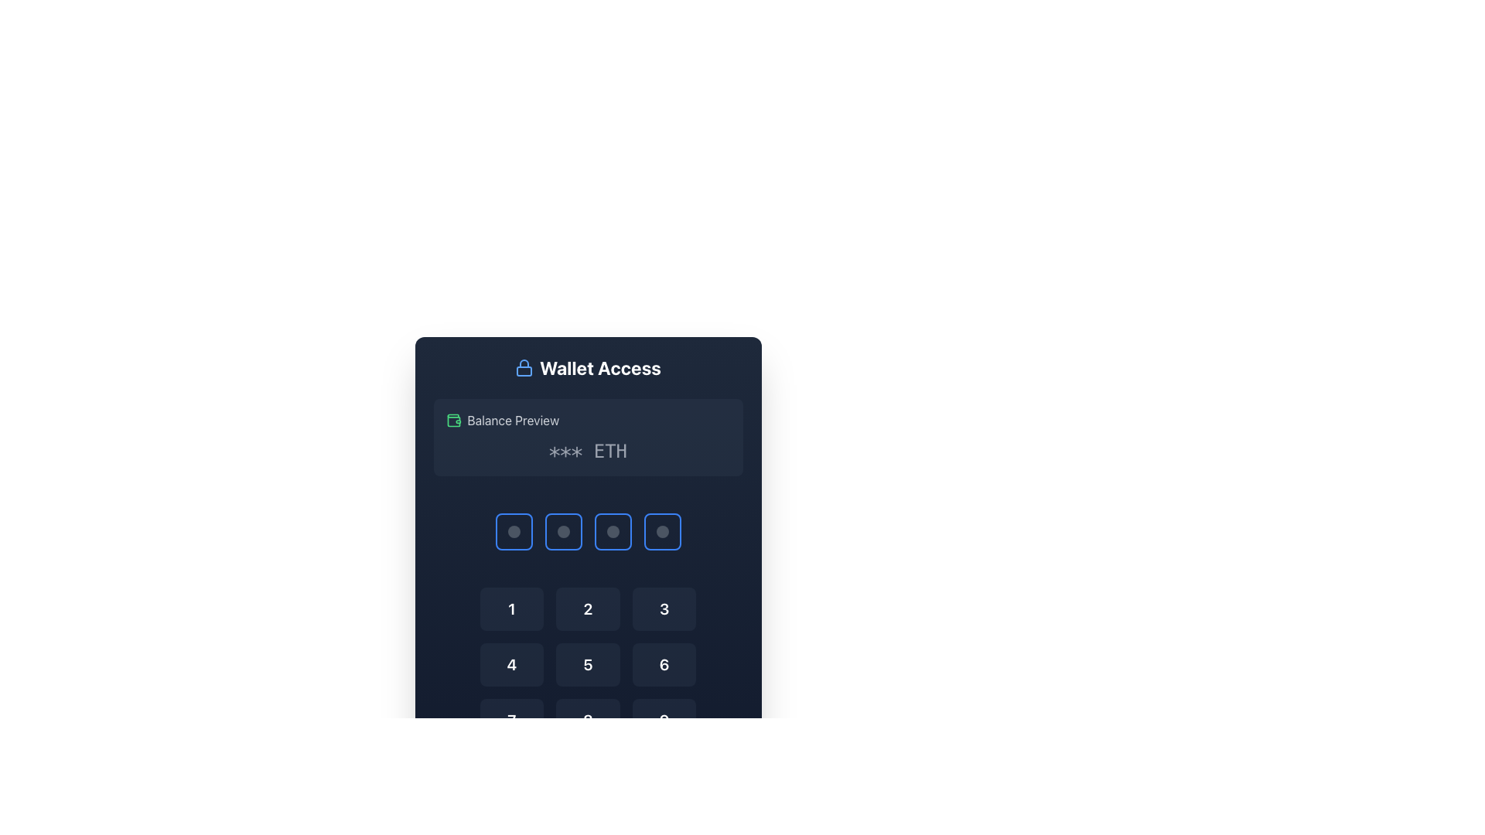 The height and width of the screenshot is (835, 1485). What do you see at coordinates (662, 530) in the screenshot?
I see `the fourth decorative or status indicator icon located beneath the 'Balance Preview' label` at bounding box center [662, 530].